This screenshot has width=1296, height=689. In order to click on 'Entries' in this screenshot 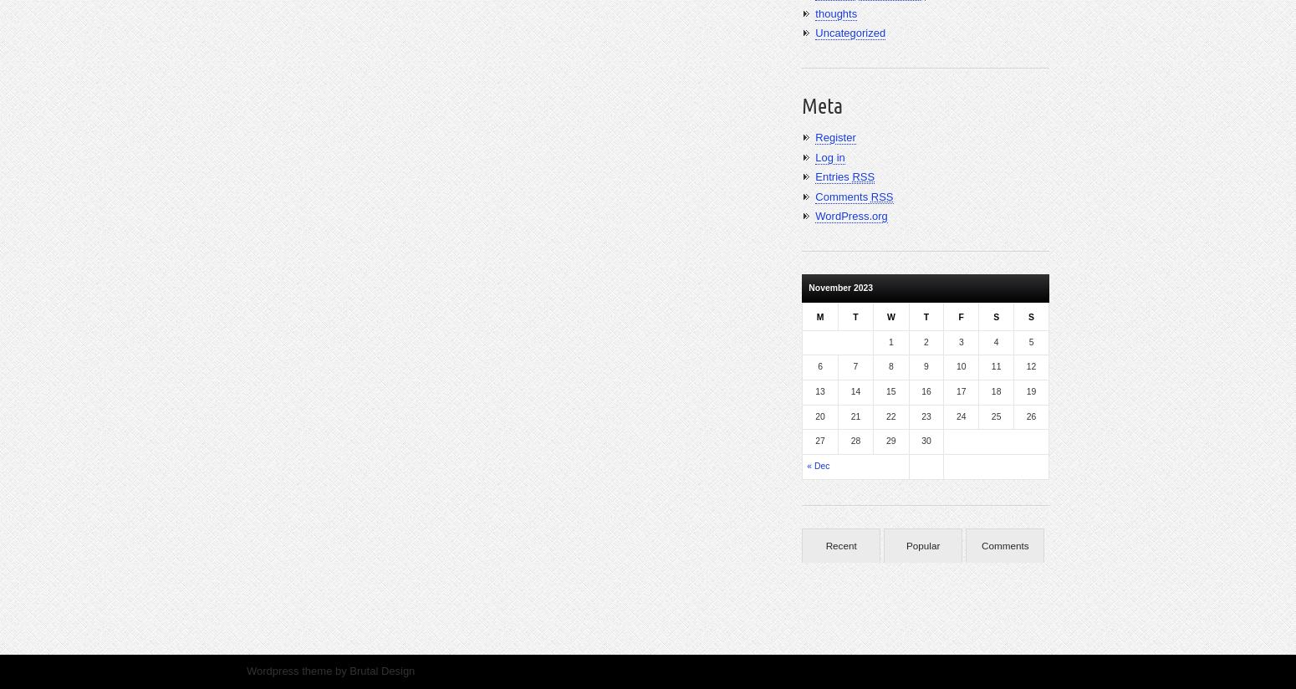, I will do `click(832, 176)`.